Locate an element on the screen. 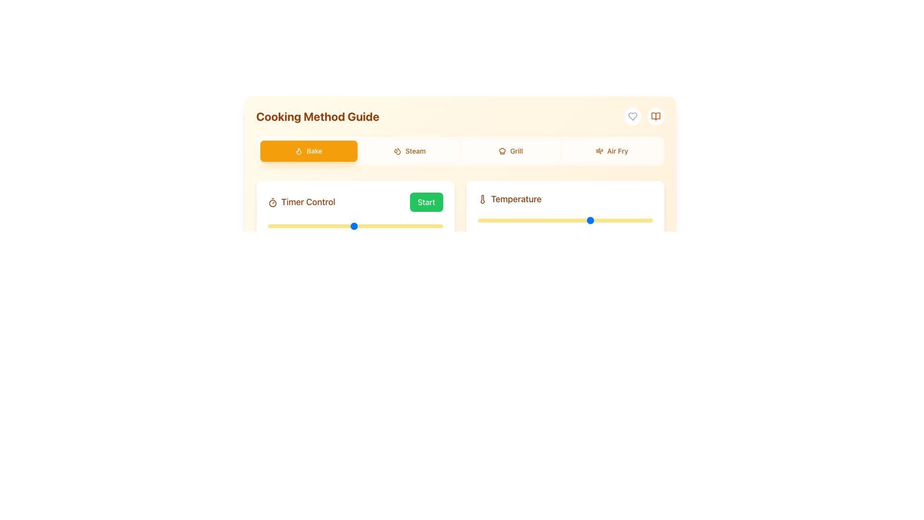 The width and height of the screenshot is (924, 520). the timer slider is located at coordinates (327, 226).